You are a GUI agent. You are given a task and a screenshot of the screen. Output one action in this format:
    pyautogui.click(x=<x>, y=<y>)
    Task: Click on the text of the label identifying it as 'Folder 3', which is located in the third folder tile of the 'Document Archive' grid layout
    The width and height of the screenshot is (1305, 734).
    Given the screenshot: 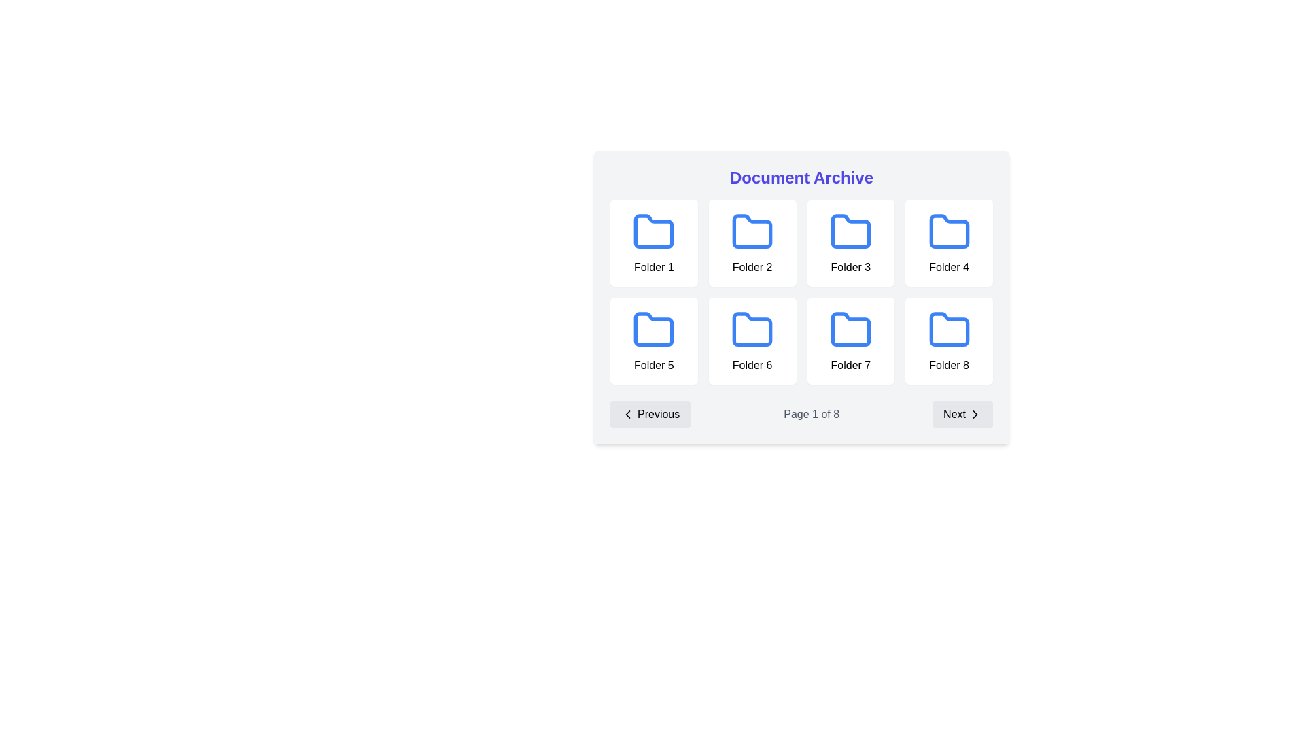 What is the action you would take?
    pyautogui.click(x=850, y=267)
    